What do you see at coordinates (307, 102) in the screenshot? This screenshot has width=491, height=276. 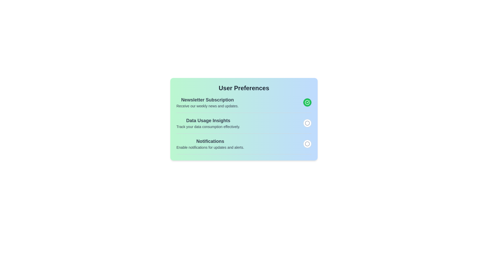 I see `the circular green confirmation button with a white checkmark in the 'Newsletter Subscription' section` at bounding box center [307, 102].